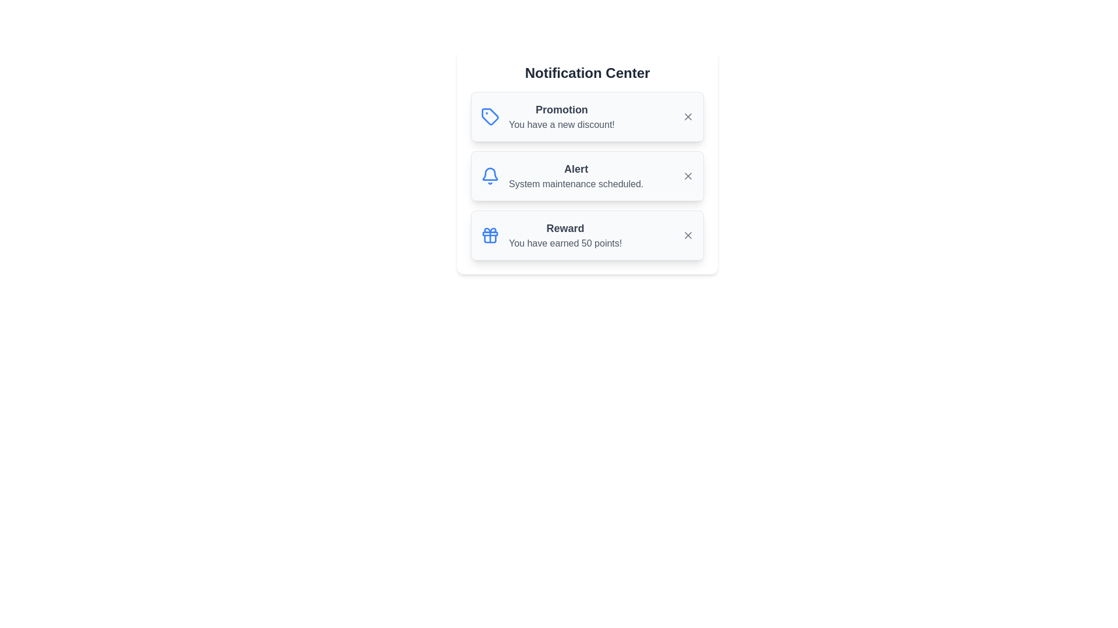 This screenshot has width=1118, height=628. I want to click on the text label displaying 'You have a new discount!' located under the 'Promotion' header in the first notification card of the Notification Center, so click(561, 125).